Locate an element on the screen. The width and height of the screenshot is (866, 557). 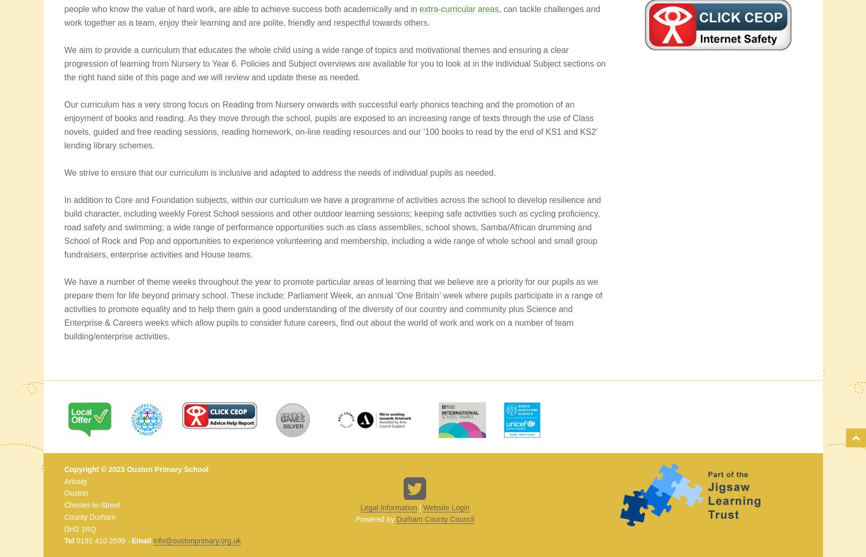
'Durham County Council' is located at coordinates (435, 518).